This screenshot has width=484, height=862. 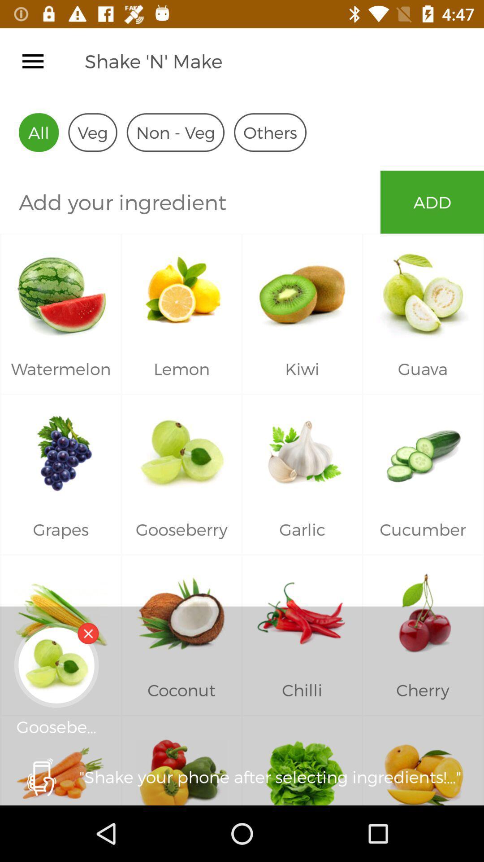 What do you see at coordinates (190, 202) in the screenshot?
I see `icon next to add` at bounding box center [190, 202].